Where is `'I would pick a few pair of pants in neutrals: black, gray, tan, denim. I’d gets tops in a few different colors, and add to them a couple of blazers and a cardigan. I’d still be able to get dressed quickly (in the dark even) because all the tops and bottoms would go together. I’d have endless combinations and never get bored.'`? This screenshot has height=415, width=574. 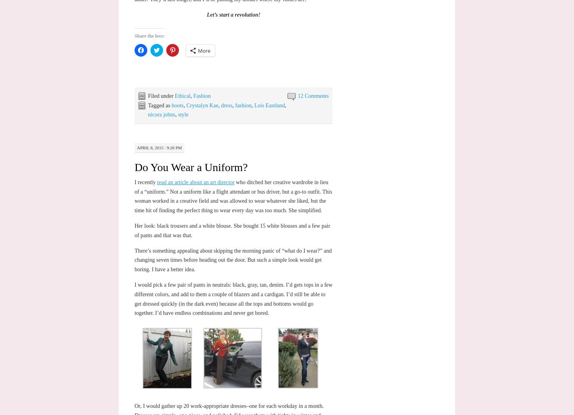
'I would pick a few pair of pants in neutrals: black, gray, tan, denim. I’d gets tops in a few different colors, and add to them a couple of blazers and a cardigan. I’d still be able to get dressed quickly (in the dark even) because all the tops and bottoms would go together. I’d have endless combinations and never get bored.' is located at coordinates (134, 299).